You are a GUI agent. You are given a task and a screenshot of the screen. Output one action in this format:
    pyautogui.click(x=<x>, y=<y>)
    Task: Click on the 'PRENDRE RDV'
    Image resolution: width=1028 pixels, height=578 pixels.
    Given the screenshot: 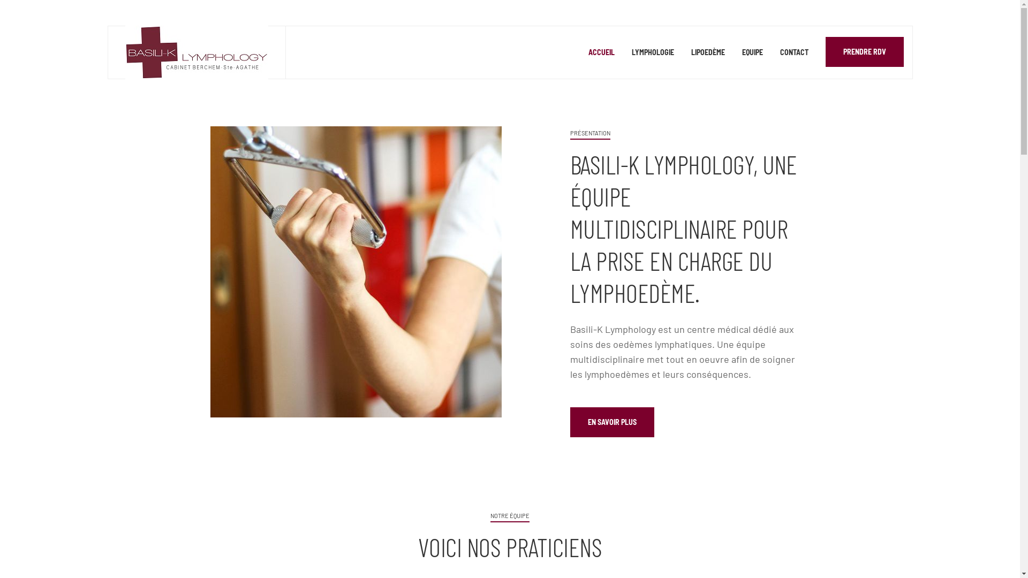 What is the action you would take?
    pyautogui.click(x=825, y=51)
    